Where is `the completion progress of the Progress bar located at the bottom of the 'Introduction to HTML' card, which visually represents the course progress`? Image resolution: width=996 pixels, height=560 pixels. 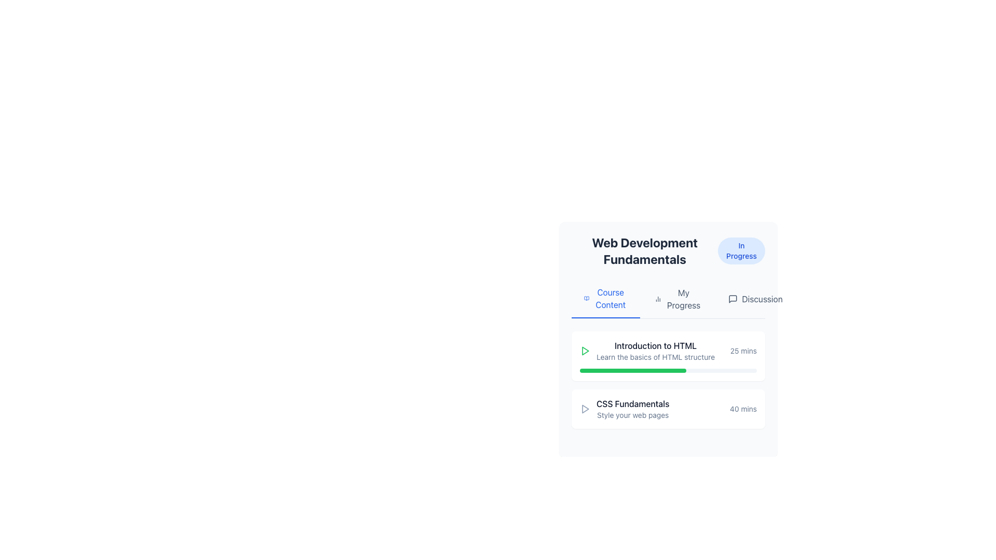
the completion progress of the Progress bar located at the bottom of the 'Introduction to HTML' card, which visually represents the course progress is located at coordinates (668, 370).